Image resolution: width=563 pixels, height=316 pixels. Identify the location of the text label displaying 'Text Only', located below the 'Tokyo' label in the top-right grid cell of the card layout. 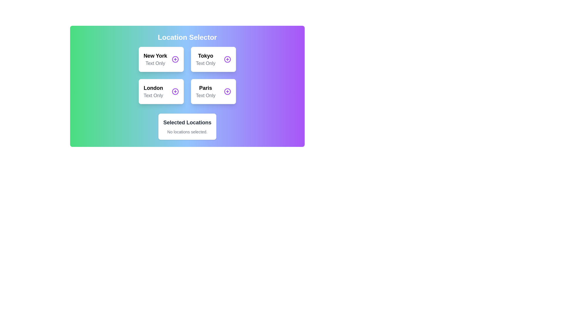
(206, 63).